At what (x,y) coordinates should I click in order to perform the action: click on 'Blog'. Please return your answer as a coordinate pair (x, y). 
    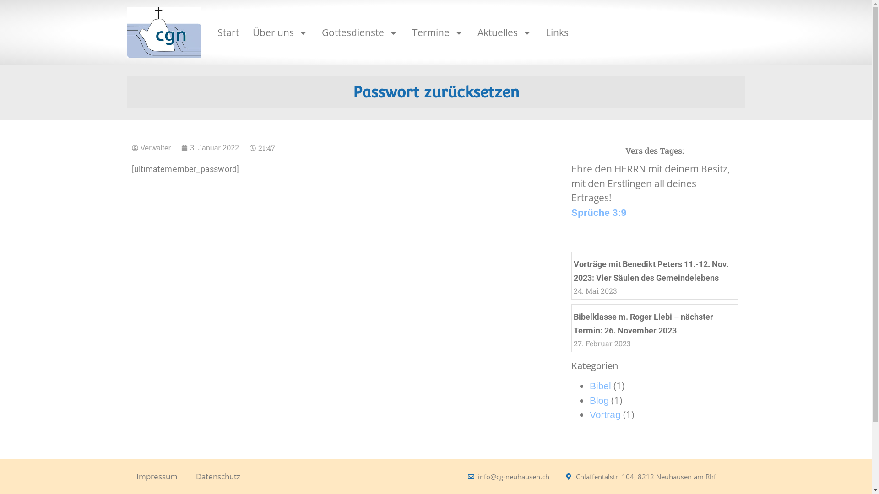
    Looking at the image, I should click on (599, 400).